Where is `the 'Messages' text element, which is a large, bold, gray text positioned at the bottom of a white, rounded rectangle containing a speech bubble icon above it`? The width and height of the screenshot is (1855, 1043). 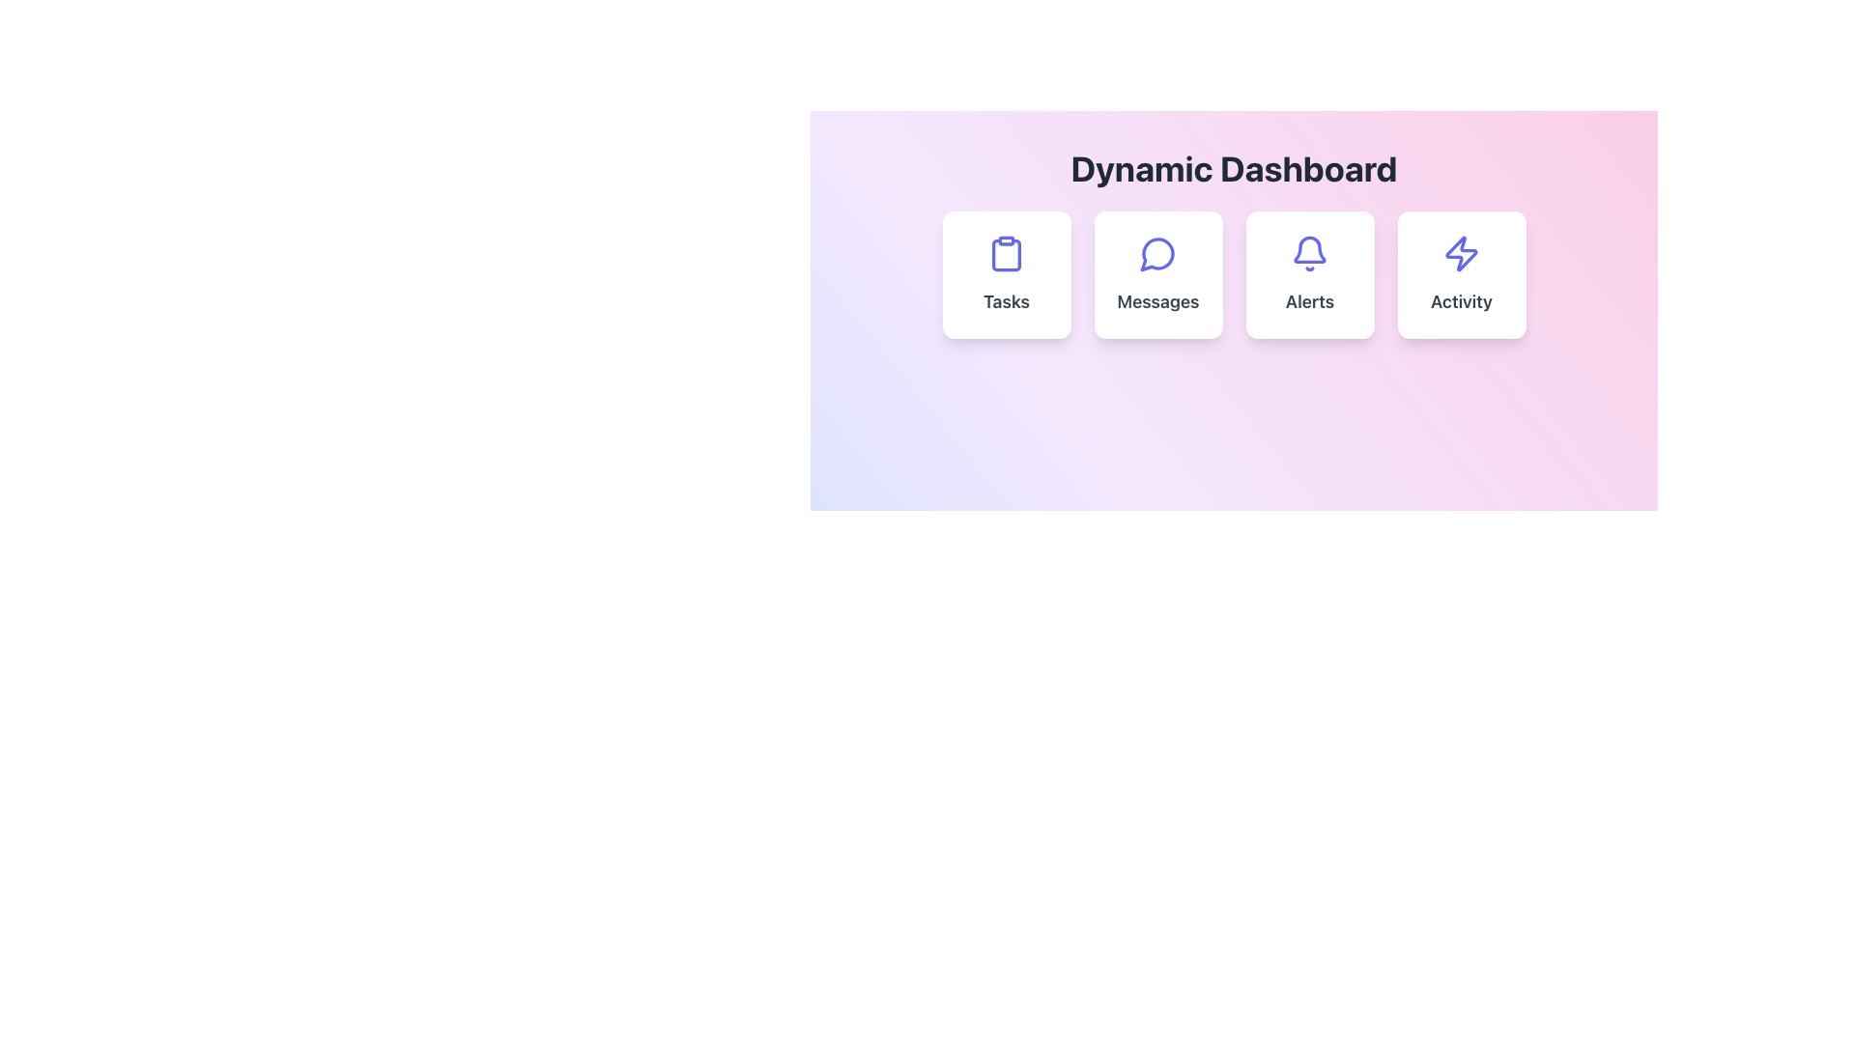 the 'Messages' text element, which is a large, bold, gray text positioned at the bottom of a white, rounded rectangle containing a speech bubble icon above it is located at coordinates (1158, 301).